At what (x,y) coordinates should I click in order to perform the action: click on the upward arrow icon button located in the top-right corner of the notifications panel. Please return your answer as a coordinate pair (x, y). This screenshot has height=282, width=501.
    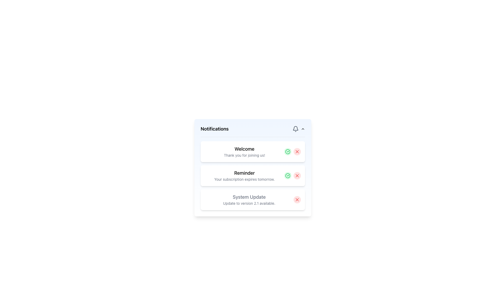
    Looking at the image, I should click on (303, 129).